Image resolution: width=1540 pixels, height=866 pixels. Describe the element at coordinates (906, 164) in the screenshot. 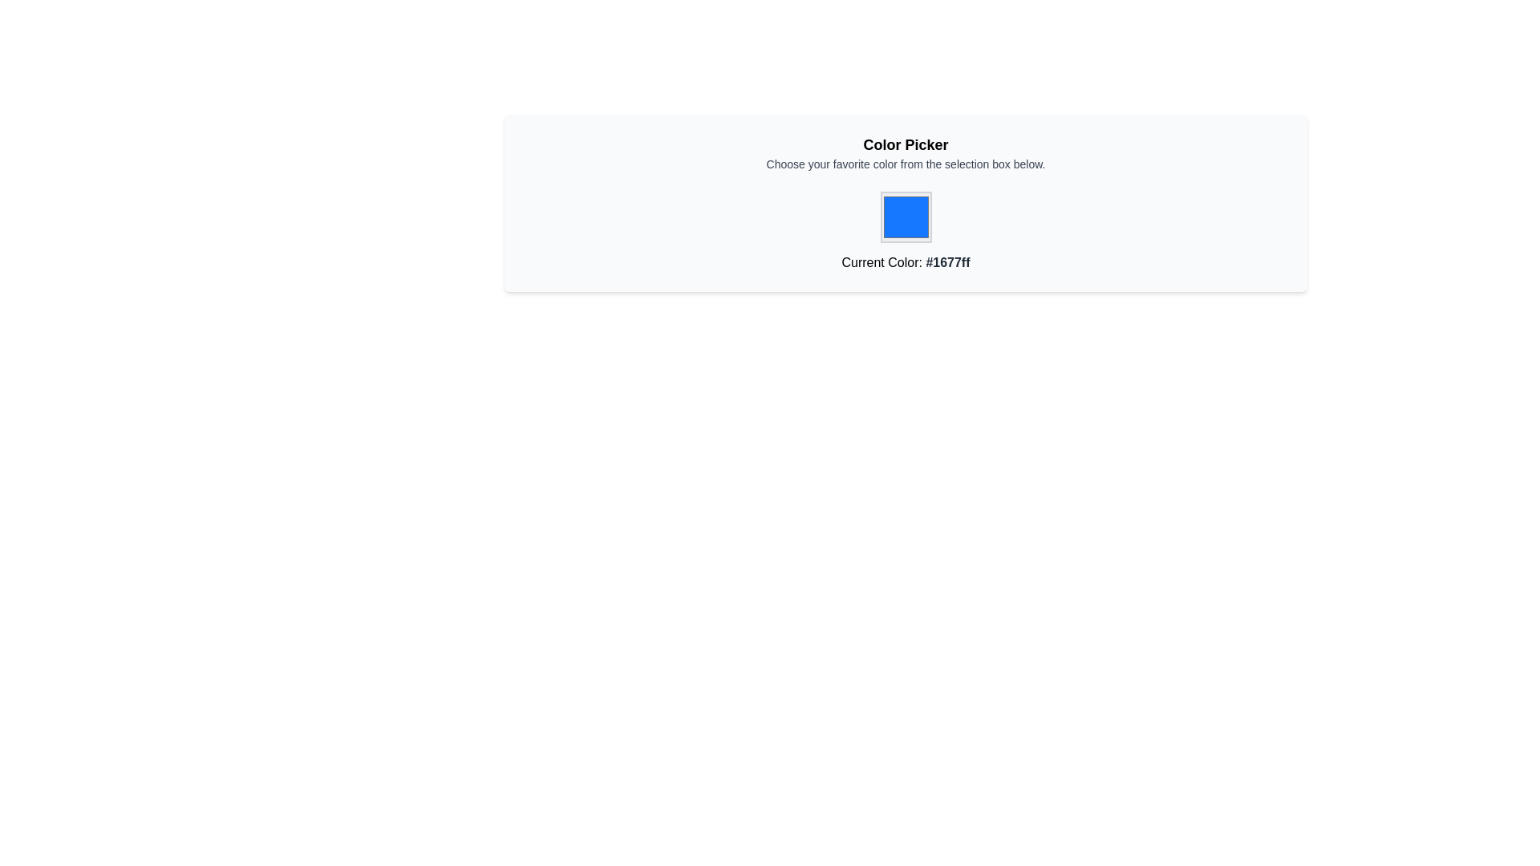

I see `the text element that instructs users to 'Choose your favorite color from the selection box below.' This text is styled in gray and is located beneath the 'Color Picker' header` at that location.